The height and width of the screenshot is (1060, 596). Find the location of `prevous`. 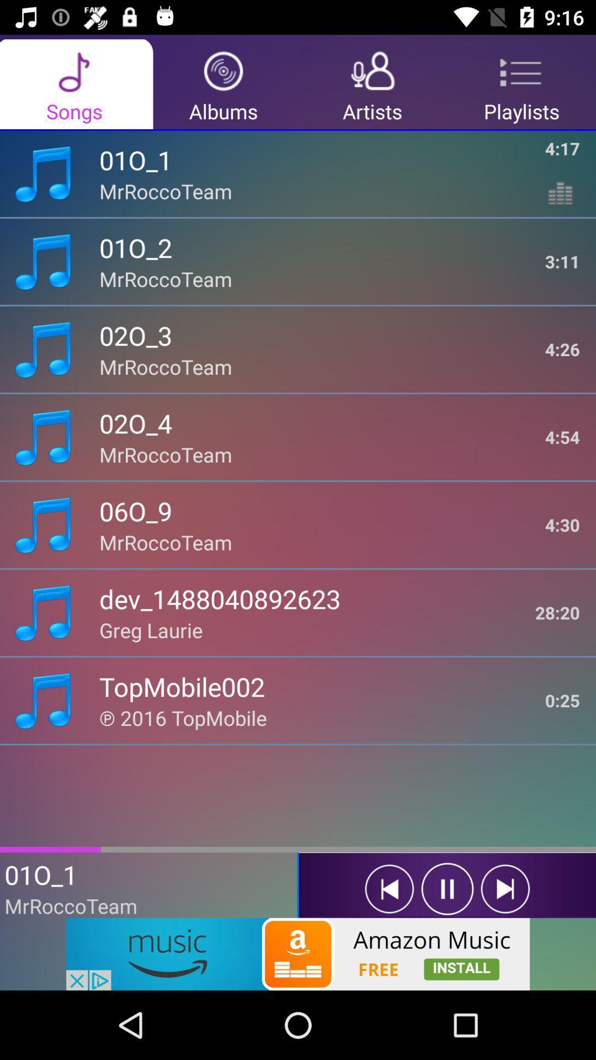

prevous is located at coordinates (389, 889).